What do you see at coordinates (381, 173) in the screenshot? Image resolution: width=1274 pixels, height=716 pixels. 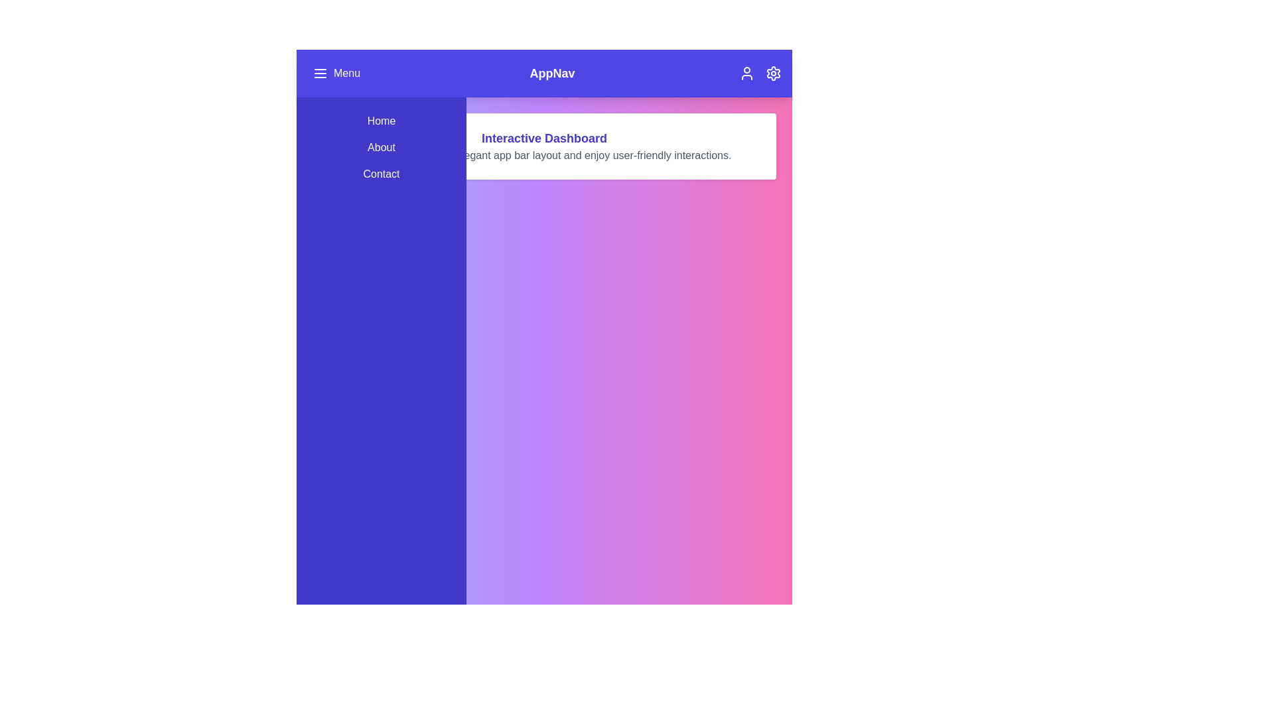 I see `the menu item Contact` at bounding box center [381, 173].